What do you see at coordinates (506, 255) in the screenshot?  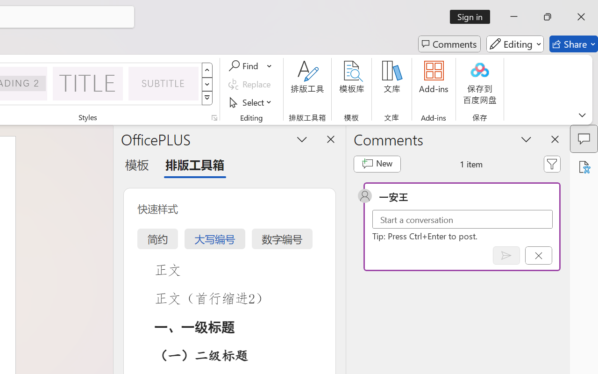 I see `'Post comment (Ctrl + Enter)'` at bounding box center [506, 255].